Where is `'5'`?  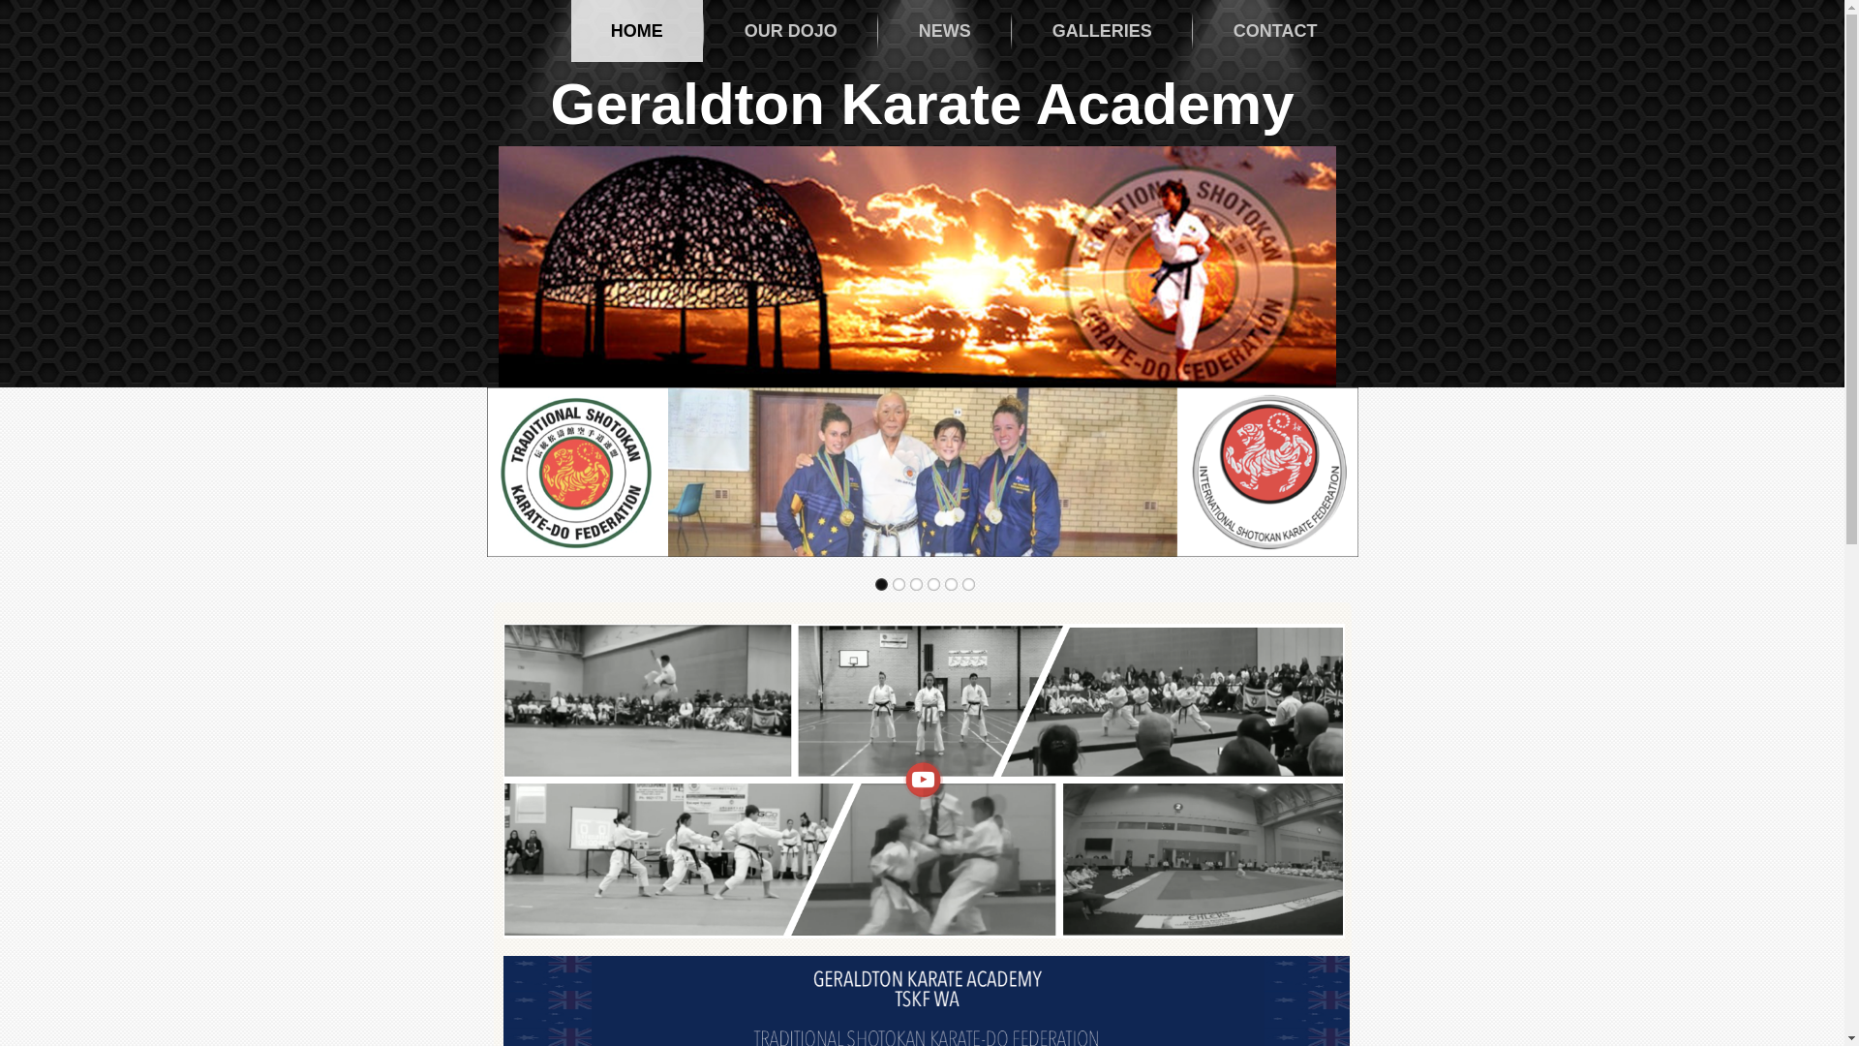
'5' is located at coordinates (944, 583).